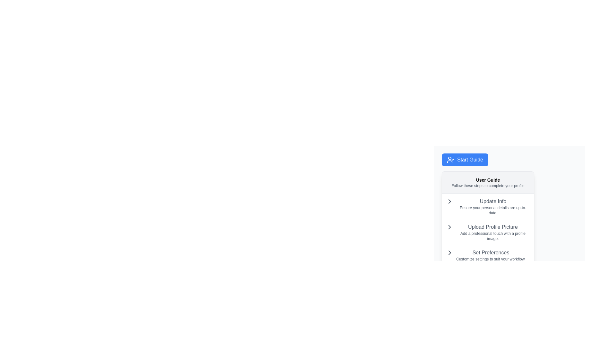  I want to click on supplementary information provided by the text label located directly below the 'Upload Profile Picture' in the 'User Guide' section, so click(492, 236).